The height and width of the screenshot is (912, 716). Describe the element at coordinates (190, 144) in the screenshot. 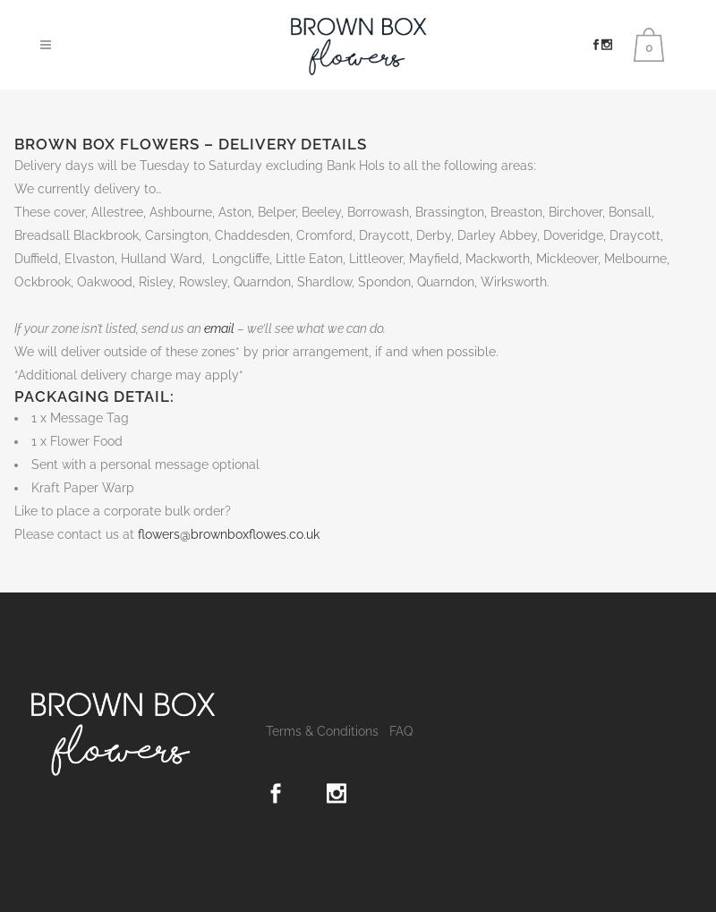

I see `'Brown Box Flowers – Delivery Details'` at that location.